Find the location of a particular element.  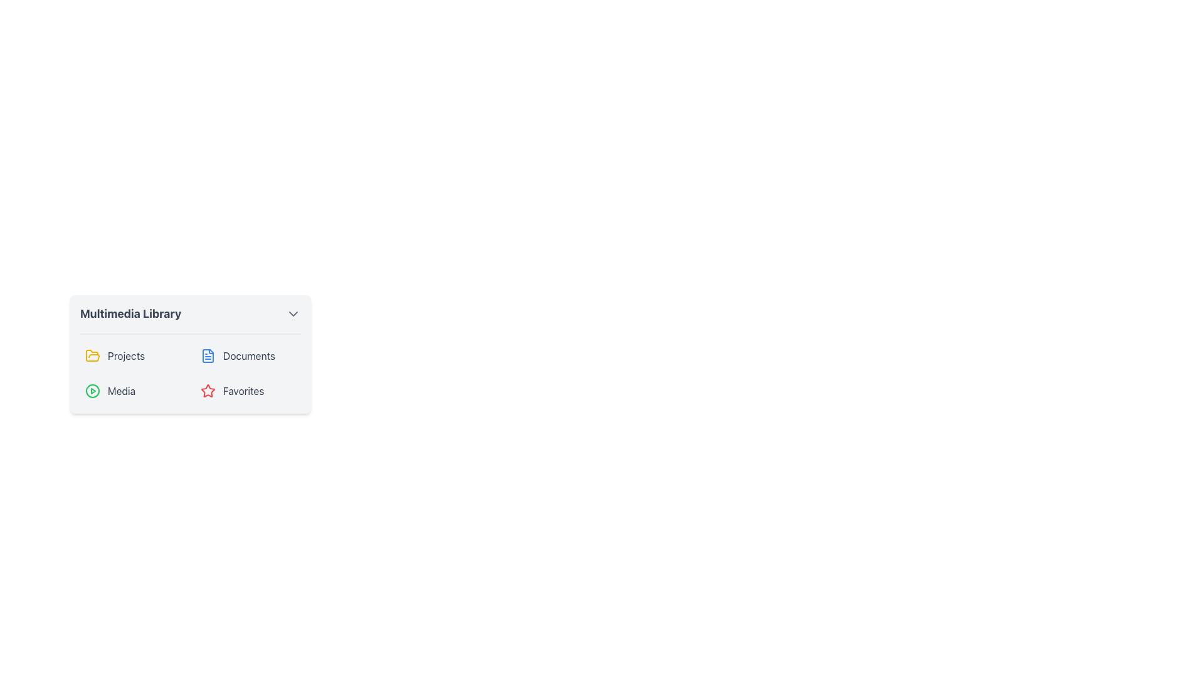

the navigation menu component is located at coordinates (278, 401).